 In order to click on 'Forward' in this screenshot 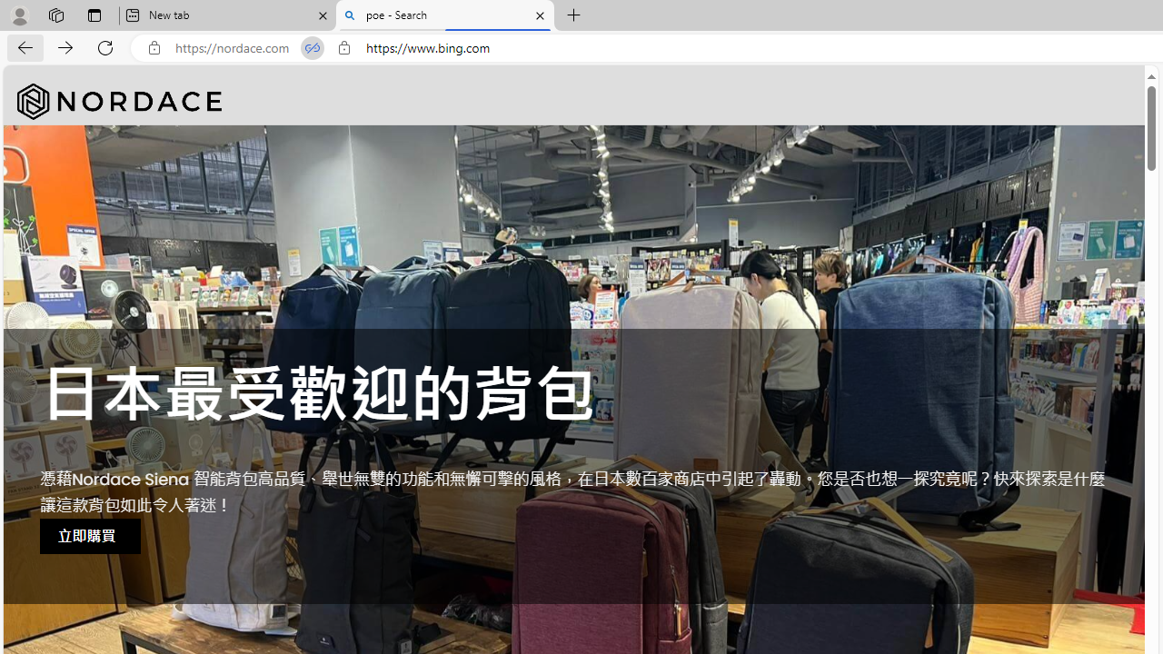, I will do `click(65, 46)`.